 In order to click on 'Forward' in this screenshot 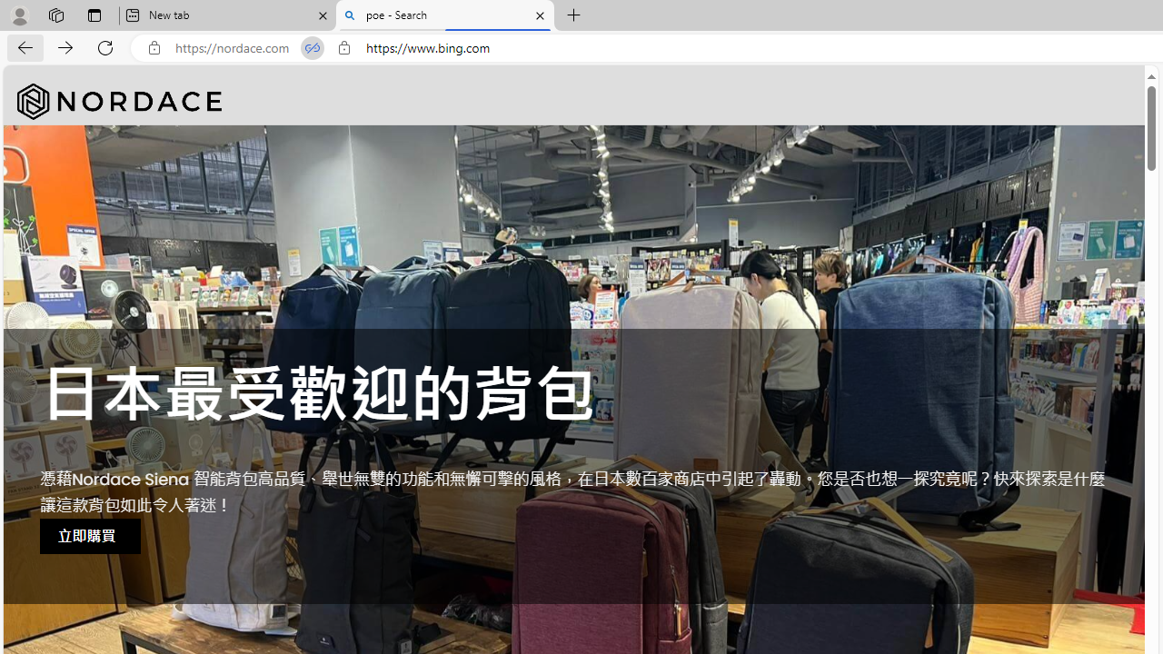, I will do `click(65, 46)`.